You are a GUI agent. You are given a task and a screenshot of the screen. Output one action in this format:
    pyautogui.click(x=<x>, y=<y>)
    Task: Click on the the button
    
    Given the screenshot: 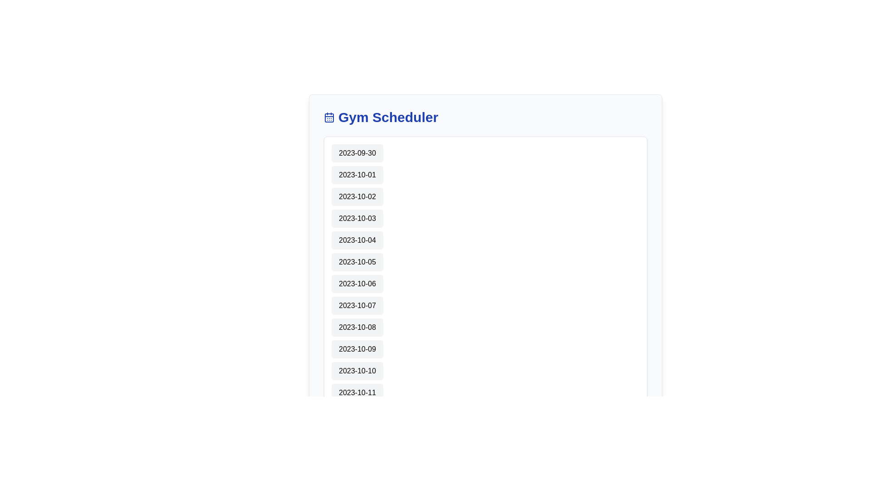 What is the action you would take?
    pyautogui.click(x=357, y=392)
    